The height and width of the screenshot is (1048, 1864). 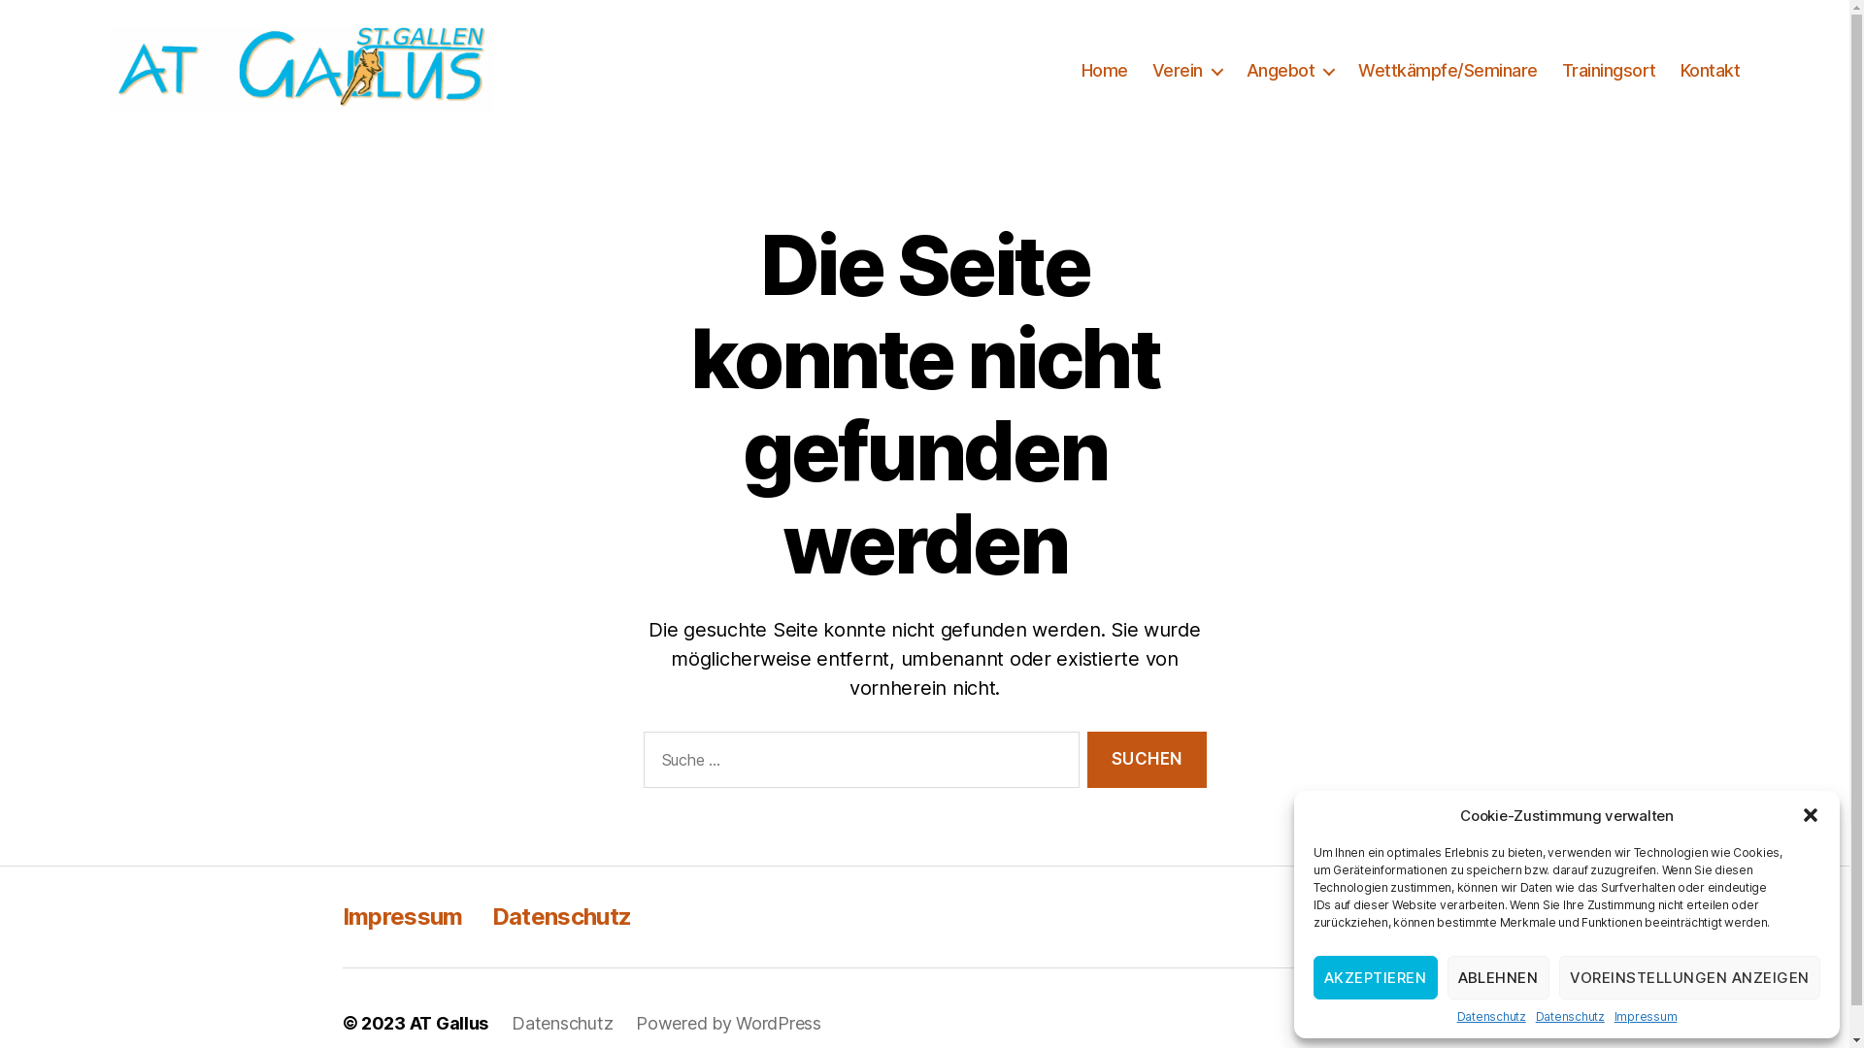 What do you see at coordinates (1689, 977) in the screenshot?
I see `'VOREINSTELLUNGEN ANZEIGEN'` at bounding box center [1689, 977].